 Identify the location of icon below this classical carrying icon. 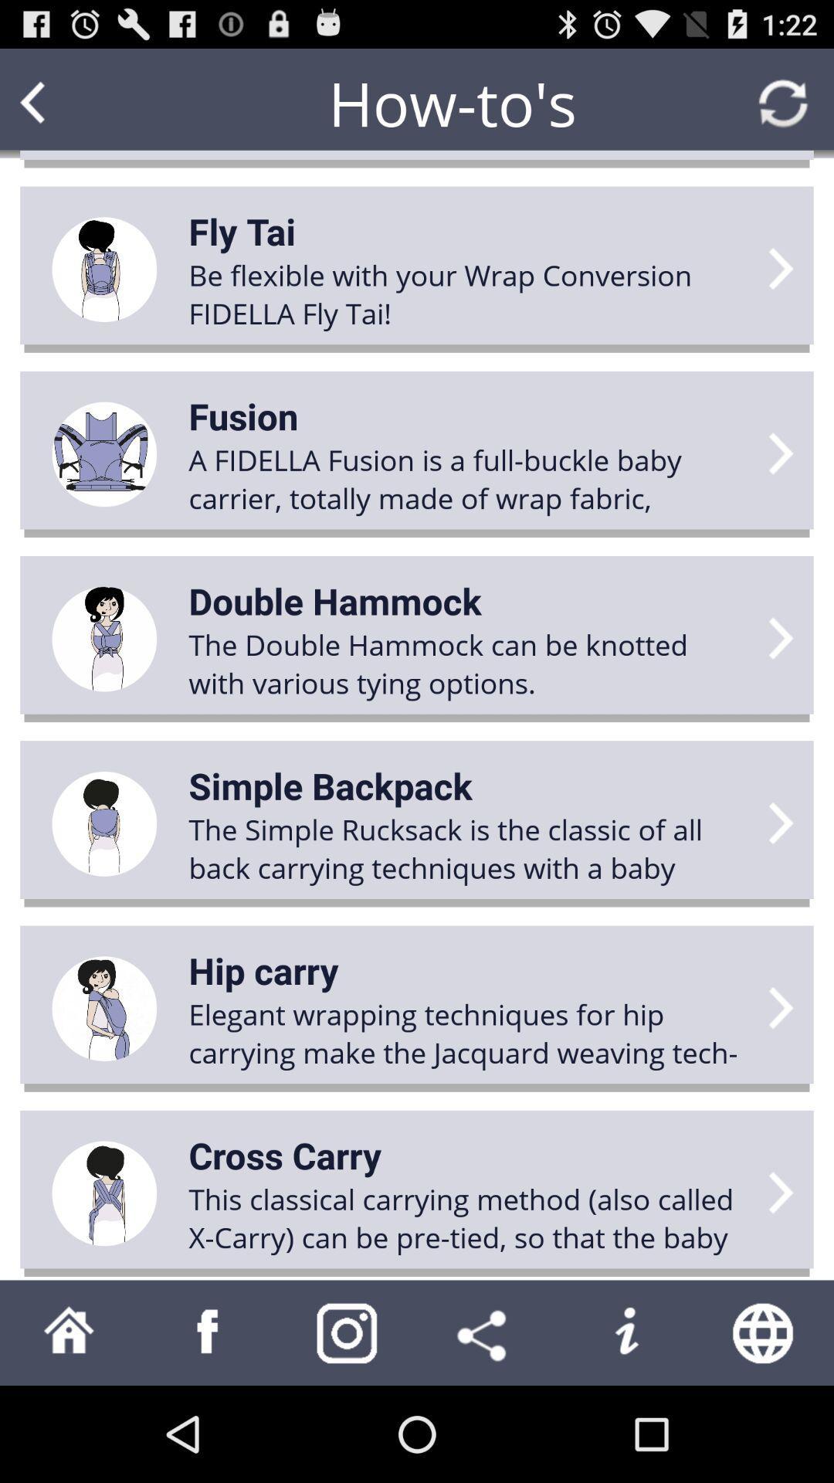
(485, 1332).